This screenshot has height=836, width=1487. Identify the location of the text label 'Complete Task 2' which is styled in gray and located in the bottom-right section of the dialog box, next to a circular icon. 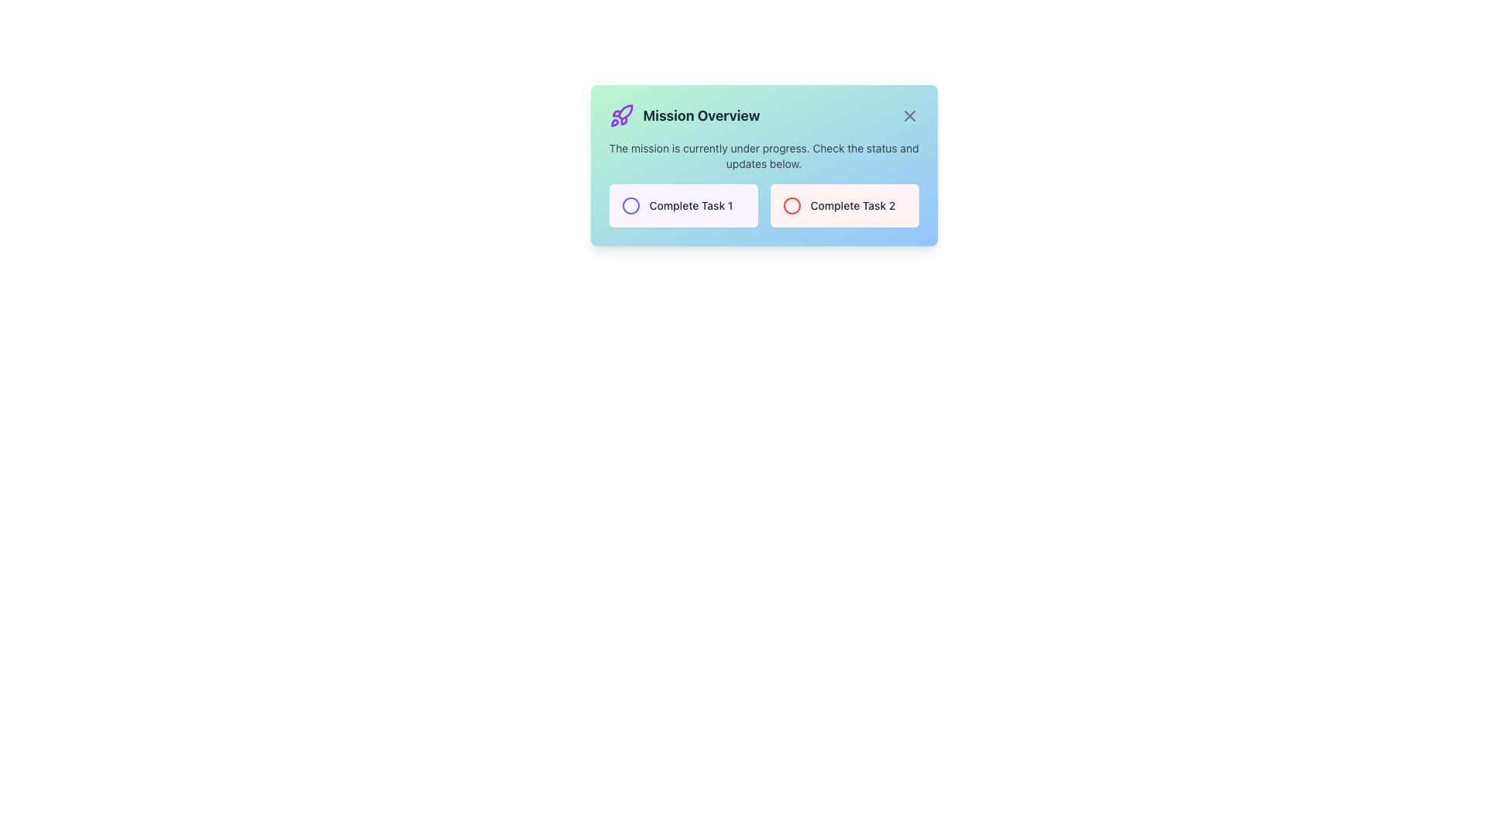
(852, 205).